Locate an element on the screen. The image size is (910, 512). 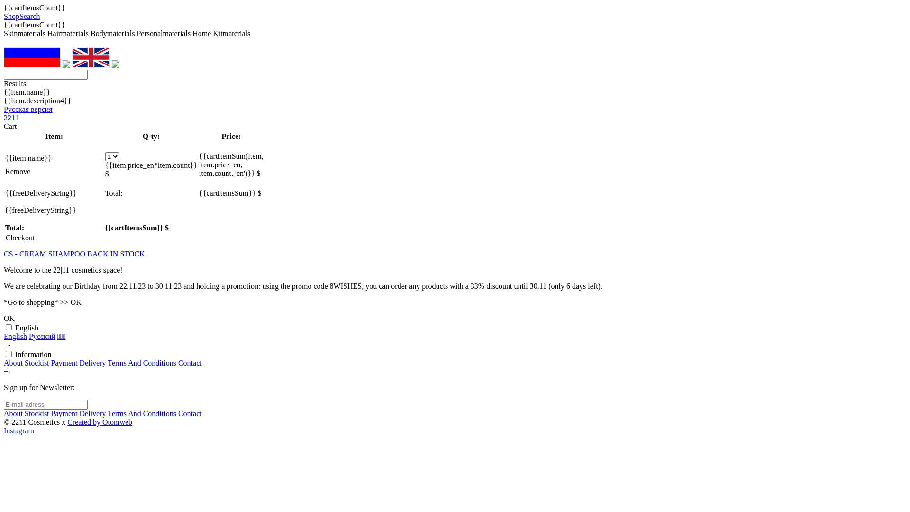
'Skinmaterials' is located at coordinates (4, 33).